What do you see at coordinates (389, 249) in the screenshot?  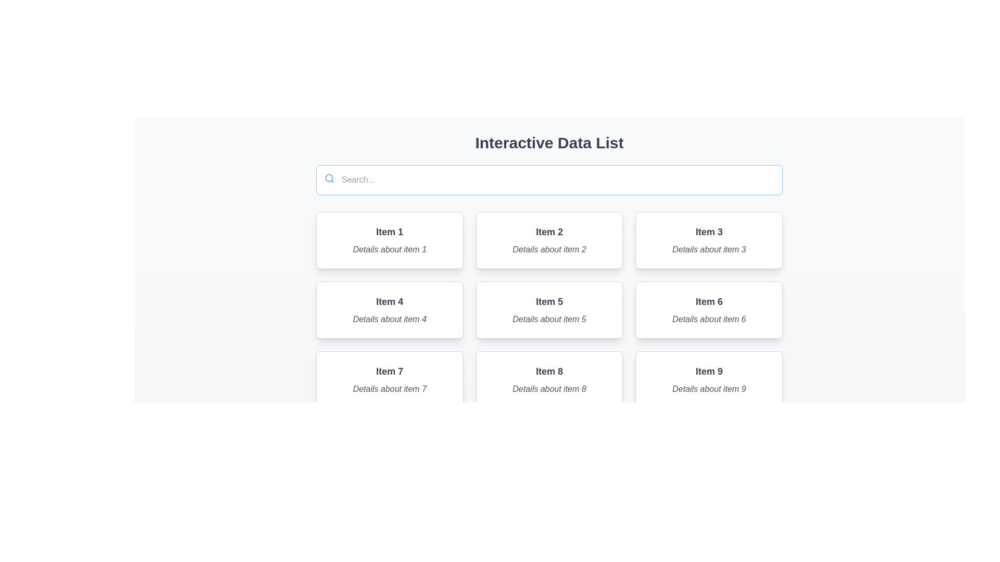 I see `italic gray text displaying 'Details about item 1' located within the card under the heading 'Item 1' in the top-left card of the first row` at bounding box center [389, 249].